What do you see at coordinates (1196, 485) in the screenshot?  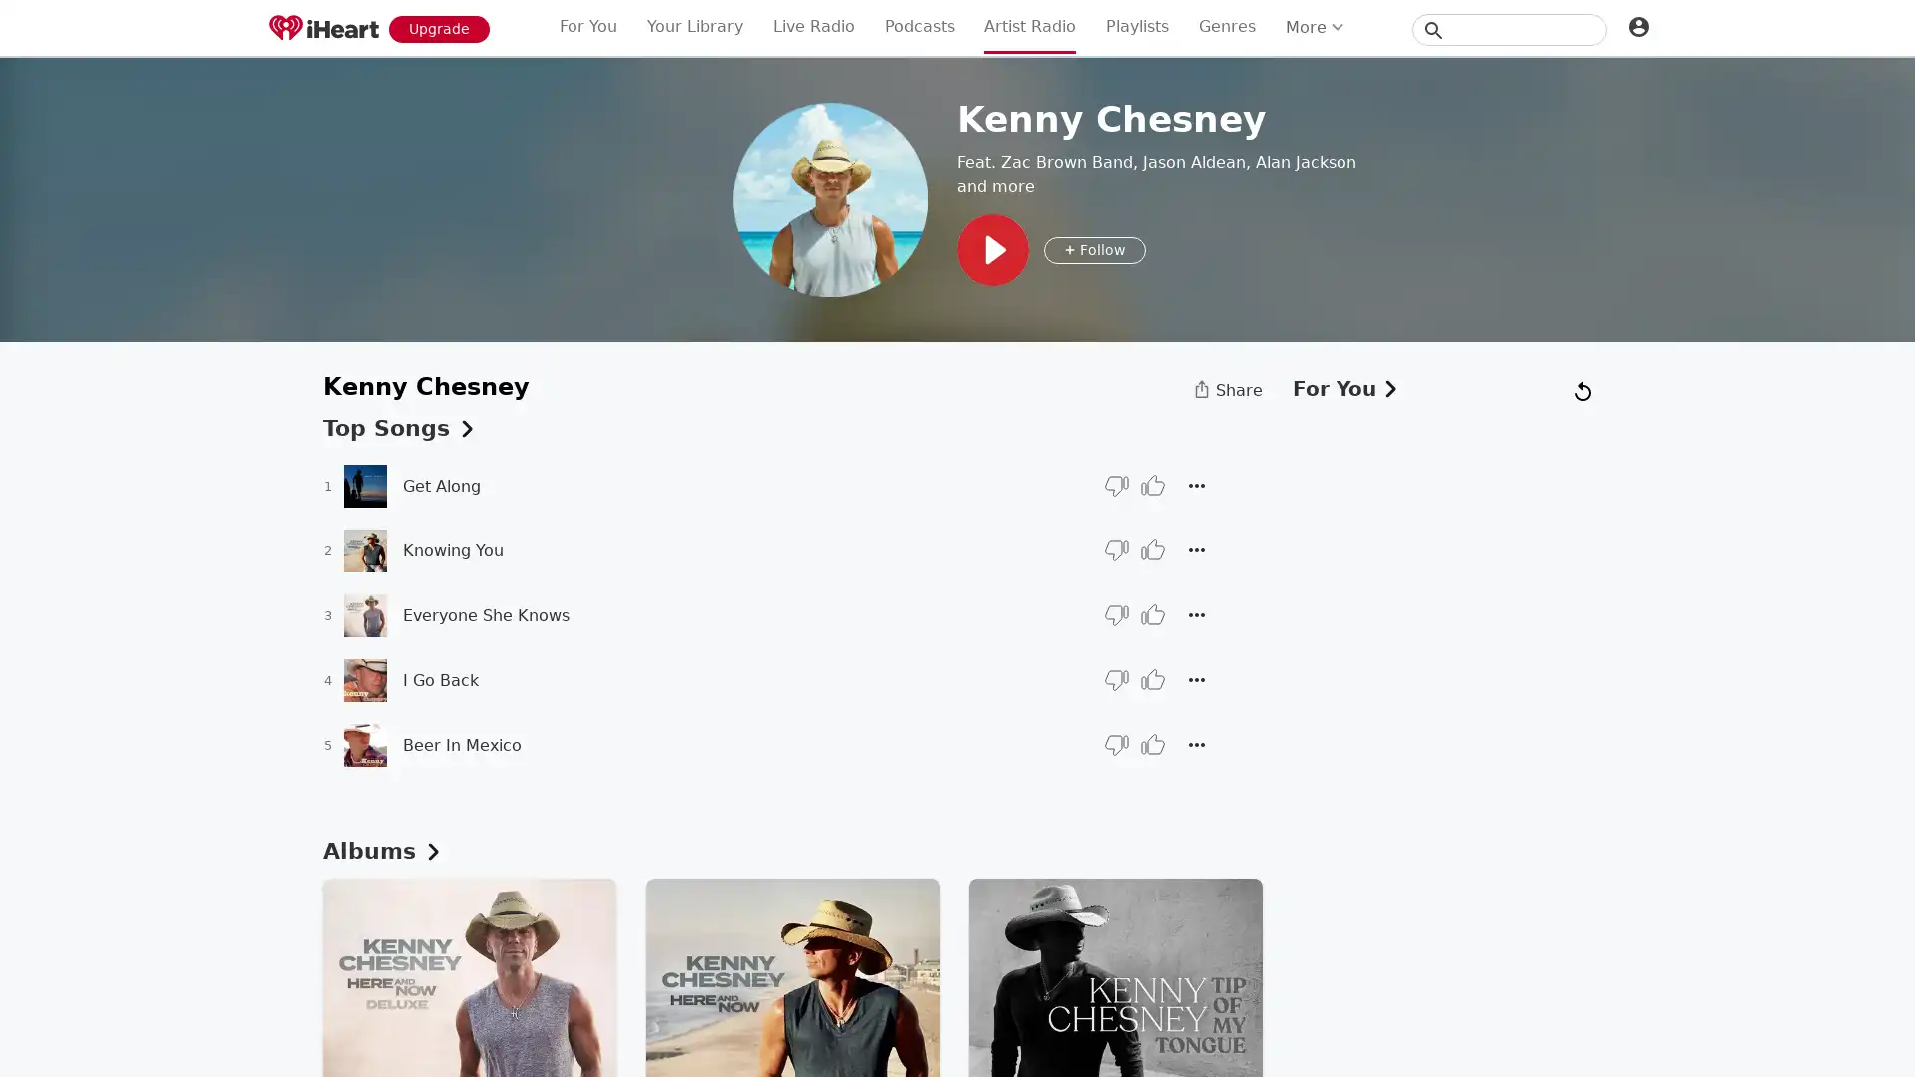 I see `More` at bounding box center [1196, 485].